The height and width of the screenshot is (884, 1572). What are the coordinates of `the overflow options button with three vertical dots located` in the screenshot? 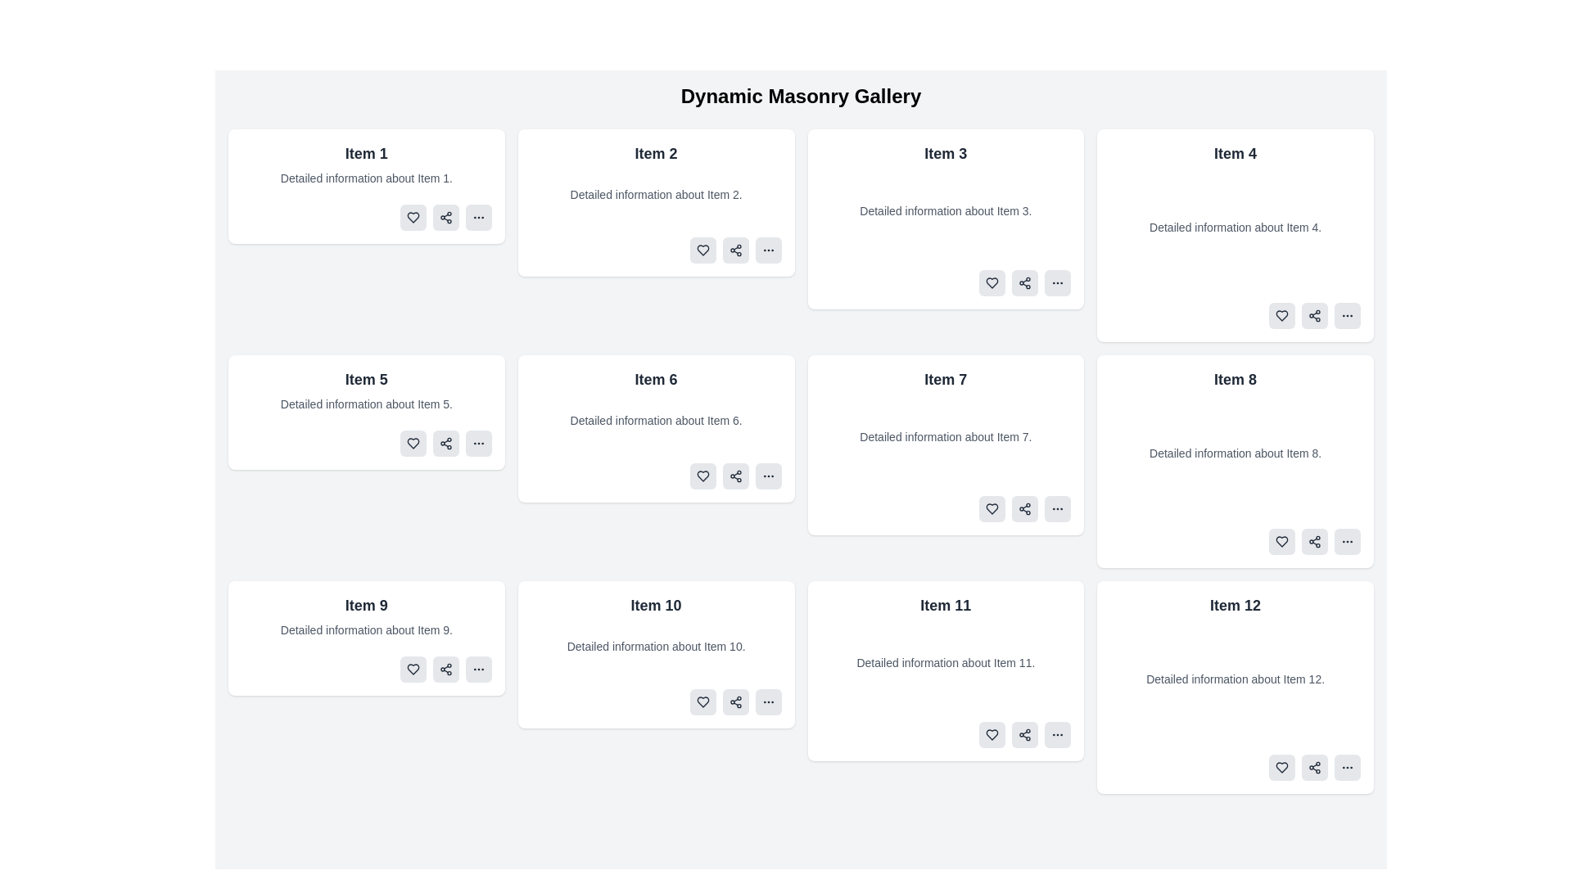 It's located at (767, 701).